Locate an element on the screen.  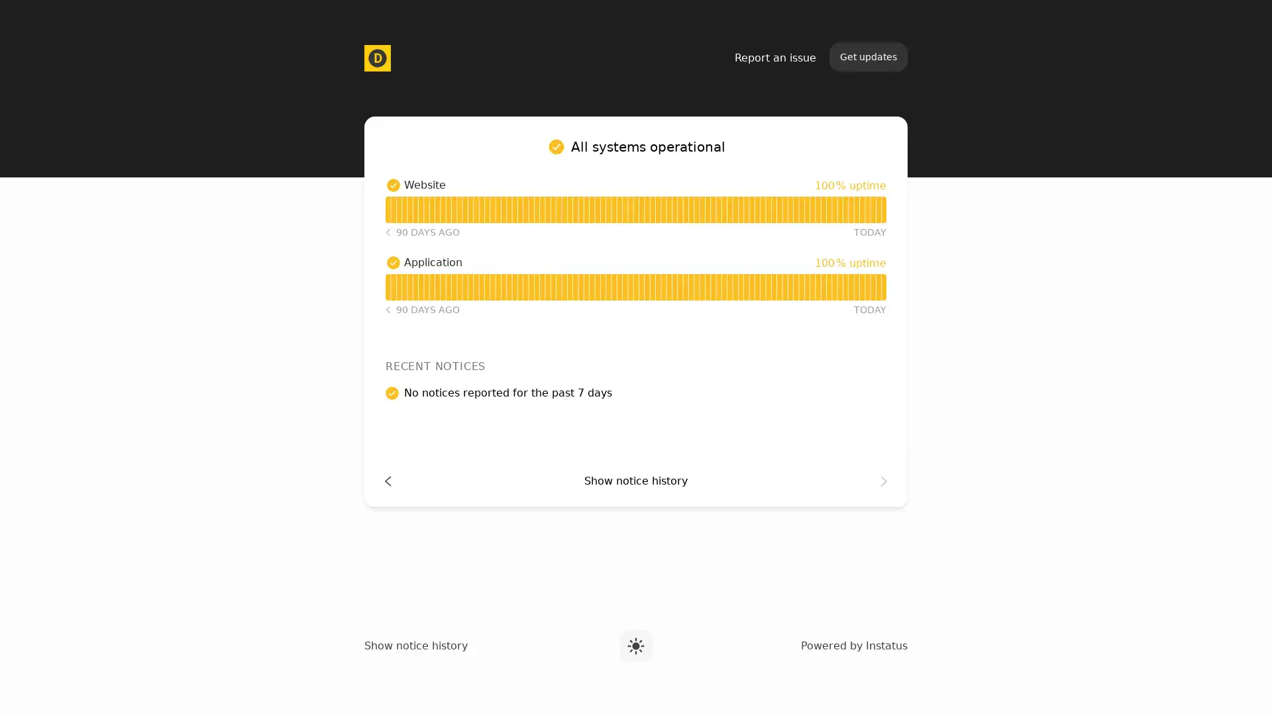
Use dark mode is located at coordinates (635, 645).